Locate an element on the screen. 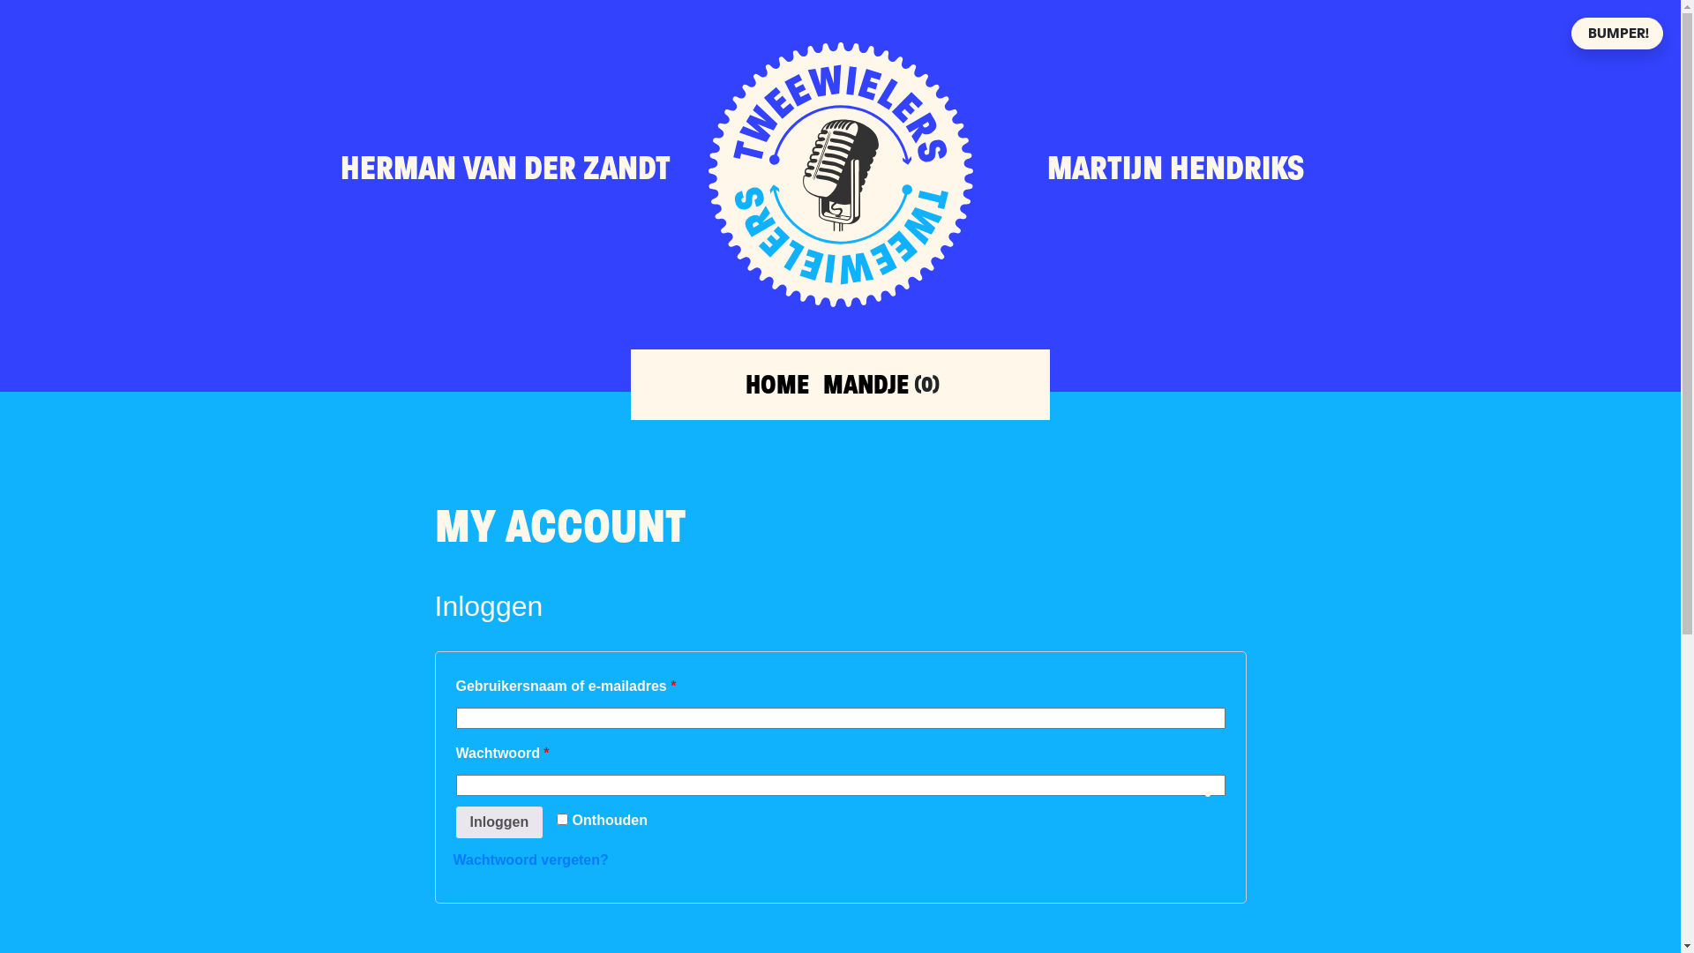  'BUMPER!' is located at coordinates (1617, 34).